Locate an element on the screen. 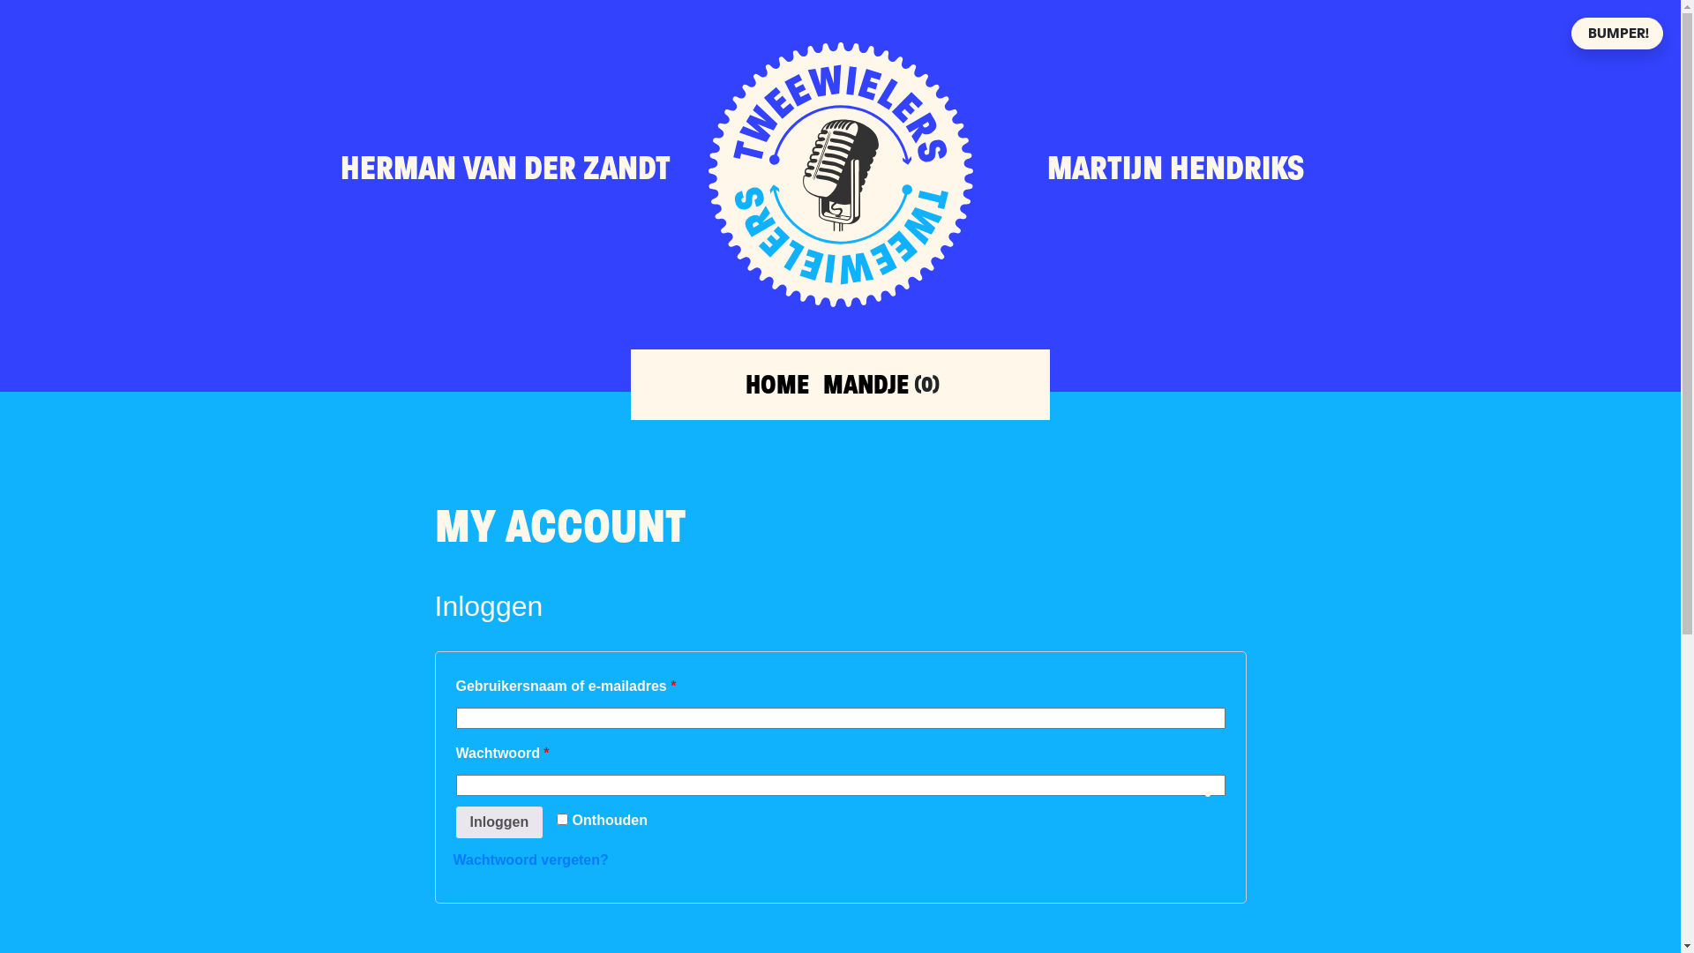  'BUMPER!' is located at coordinates (1617, 34).